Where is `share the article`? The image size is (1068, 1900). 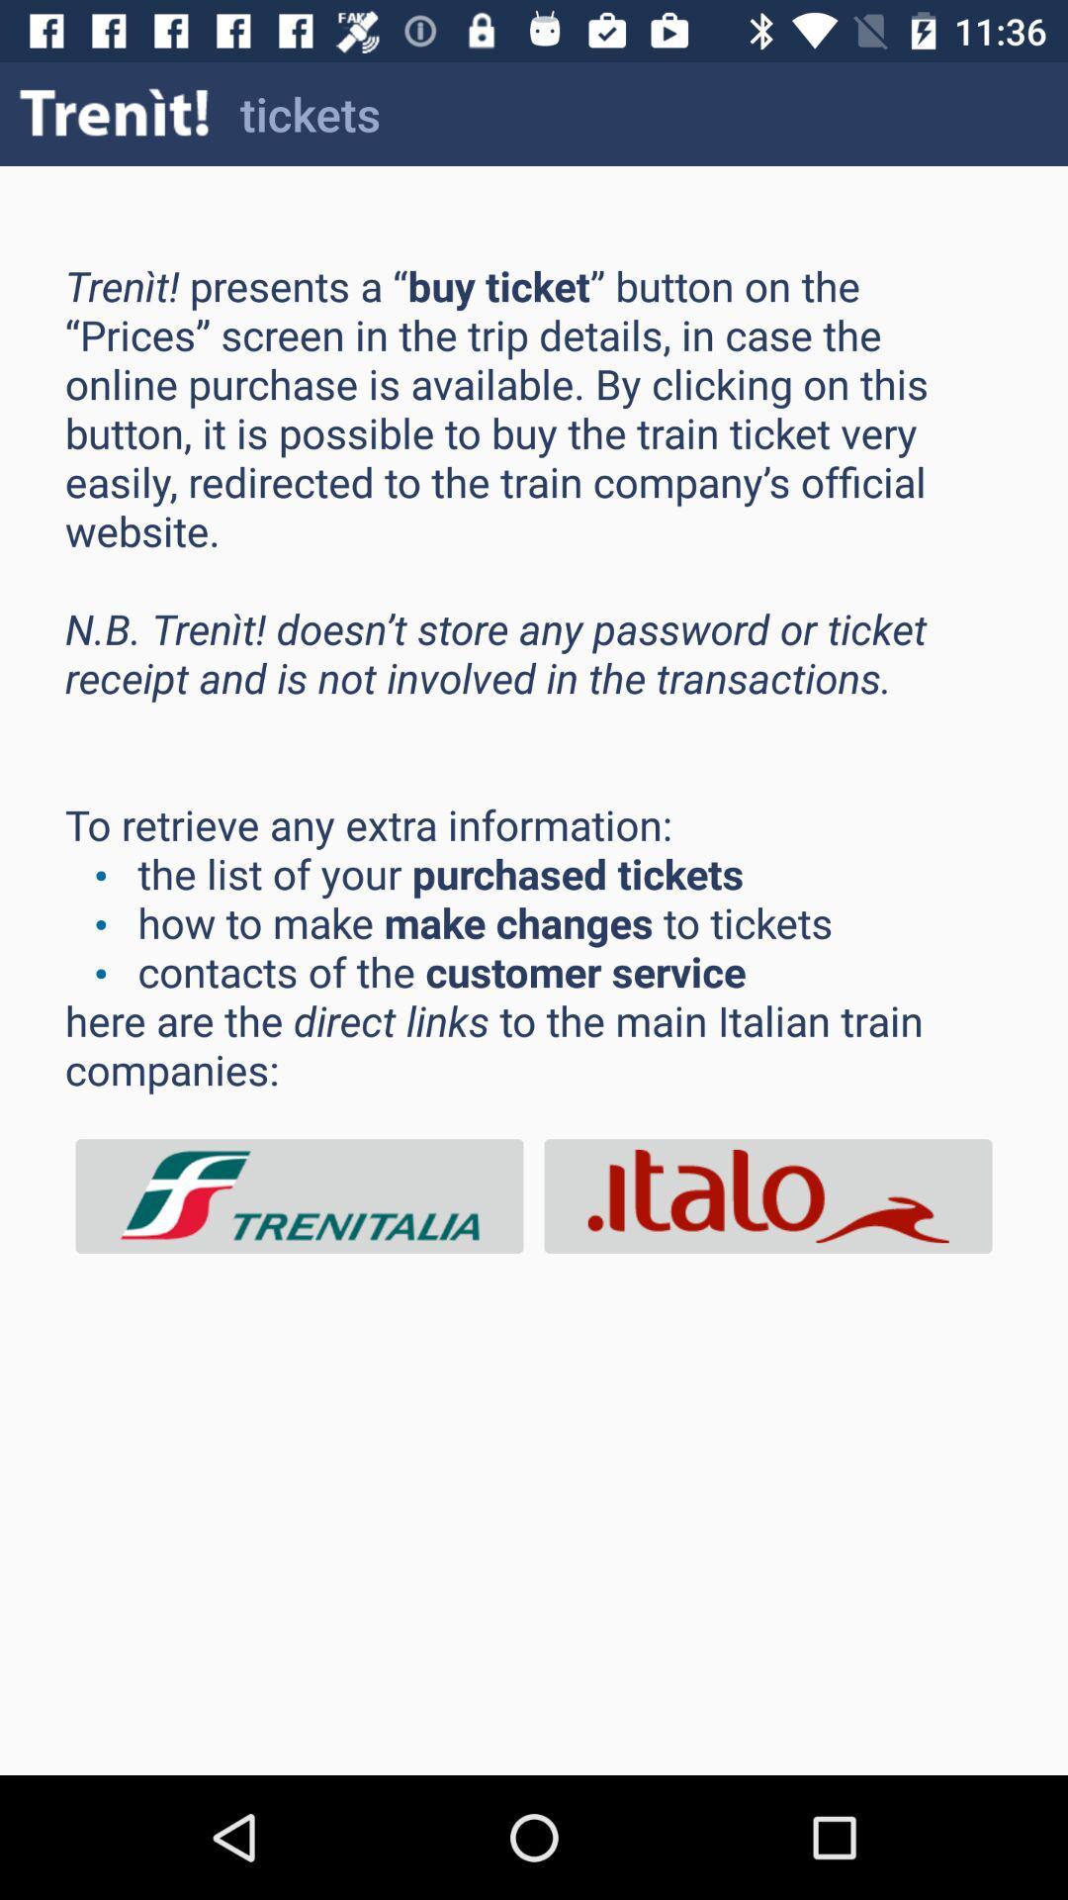 share the article is located at coordinates (766, 1195).